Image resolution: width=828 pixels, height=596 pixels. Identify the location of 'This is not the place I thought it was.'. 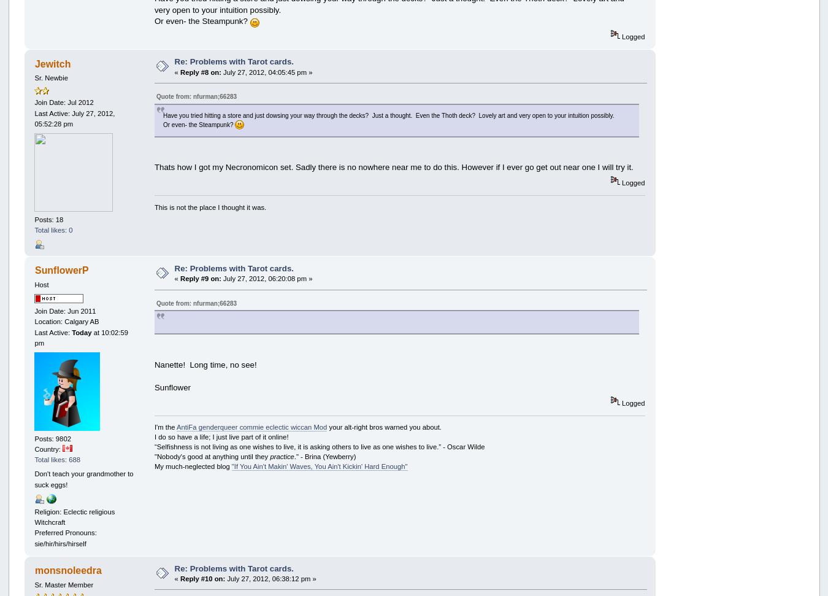
(210, 207).